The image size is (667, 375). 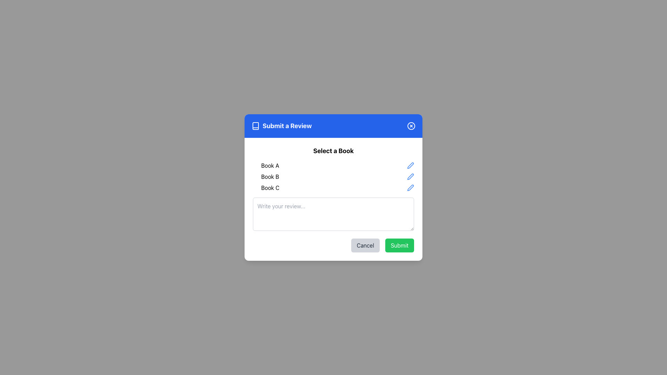 What do you see at coordinates (410, 176) in the screenshot?
I see `the editing icon located to the right of the label 'Book B'` at bounding box center [410, 176].